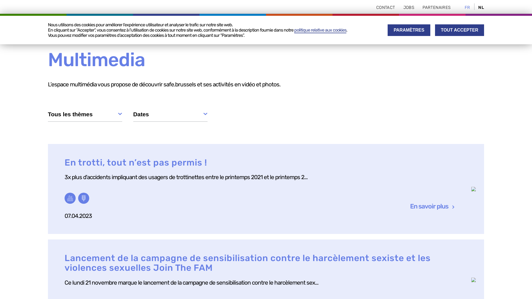 The image size is (532, 299). What do you see at coordinates (481, 7) in the screenshot?
I see `'NL'` at bounding box center [481, 7].